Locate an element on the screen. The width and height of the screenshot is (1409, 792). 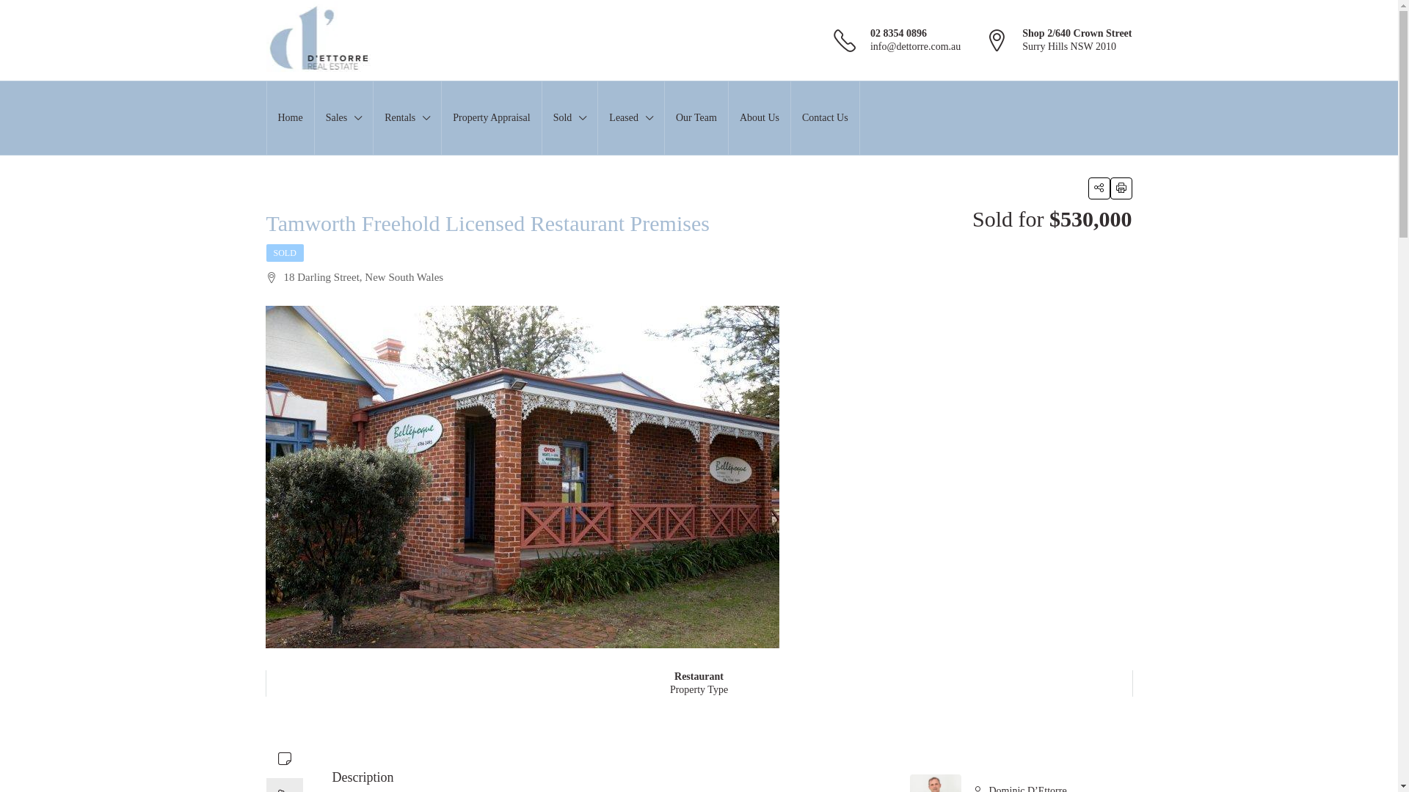
'Home' is located at coordinates (267, 117).